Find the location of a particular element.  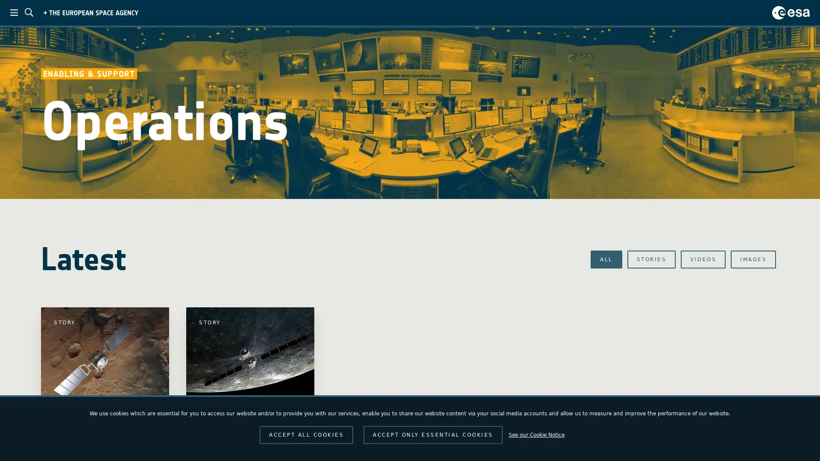

STORIES is located at coordinates (651, 258).